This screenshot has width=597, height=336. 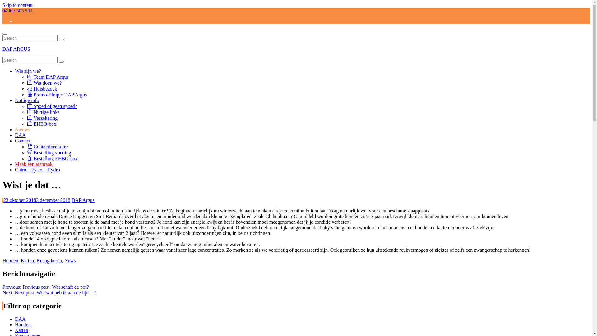 What do you see at coordinates (52, 106) in the screenshot?
I see `'Spoed of geen spoed?'` at bounding box center [52, 106].